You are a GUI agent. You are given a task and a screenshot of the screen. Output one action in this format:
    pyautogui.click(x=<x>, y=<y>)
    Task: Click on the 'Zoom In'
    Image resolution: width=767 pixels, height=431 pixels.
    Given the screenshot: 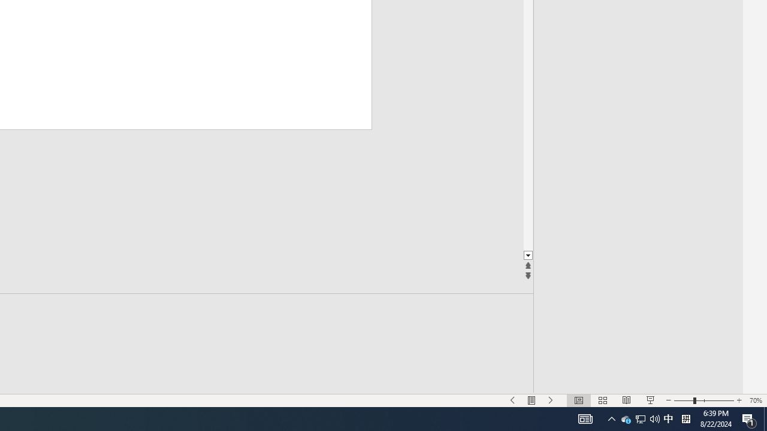 What is the action you would take?
    pyautogui.click(x=738, y=400)
    